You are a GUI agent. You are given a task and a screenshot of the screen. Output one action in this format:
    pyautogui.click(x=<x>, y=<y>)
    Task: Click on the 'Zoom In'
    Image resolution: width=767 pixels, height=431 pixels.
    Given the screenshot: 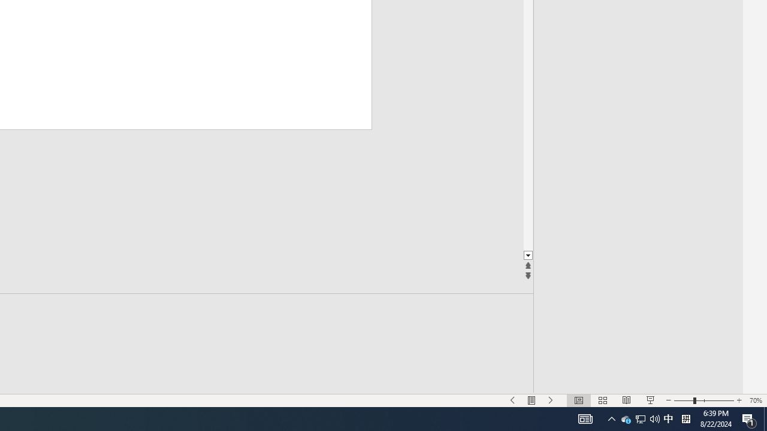 What is the action you would take?
    pyautogui.click(x=738, y=400)
    